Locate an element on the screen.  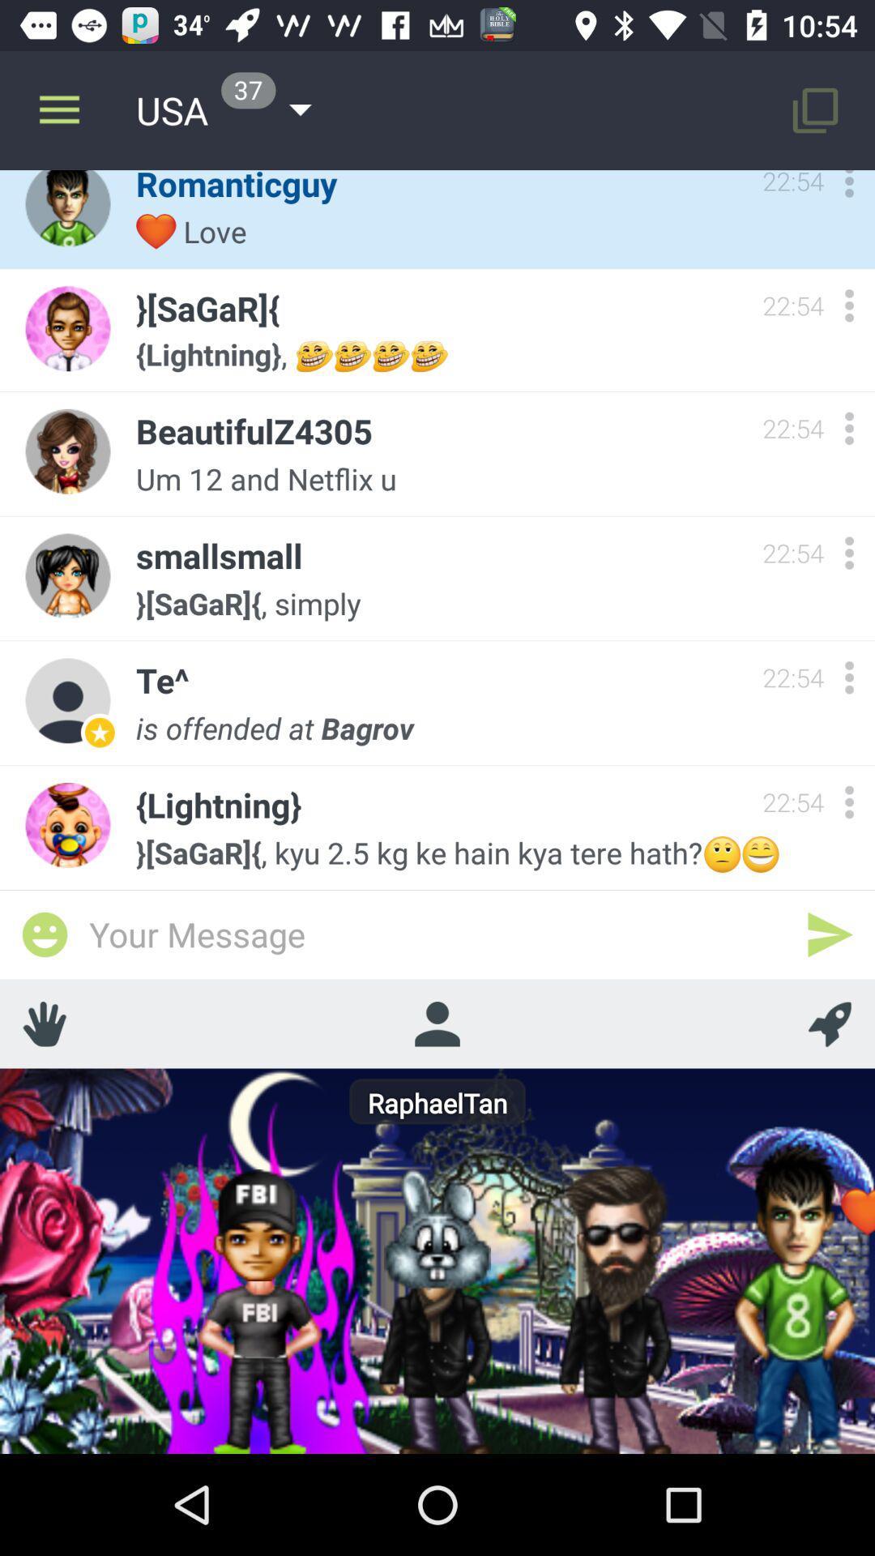
item to the left of the romanticguy icon is located at coordinates (58, 109).